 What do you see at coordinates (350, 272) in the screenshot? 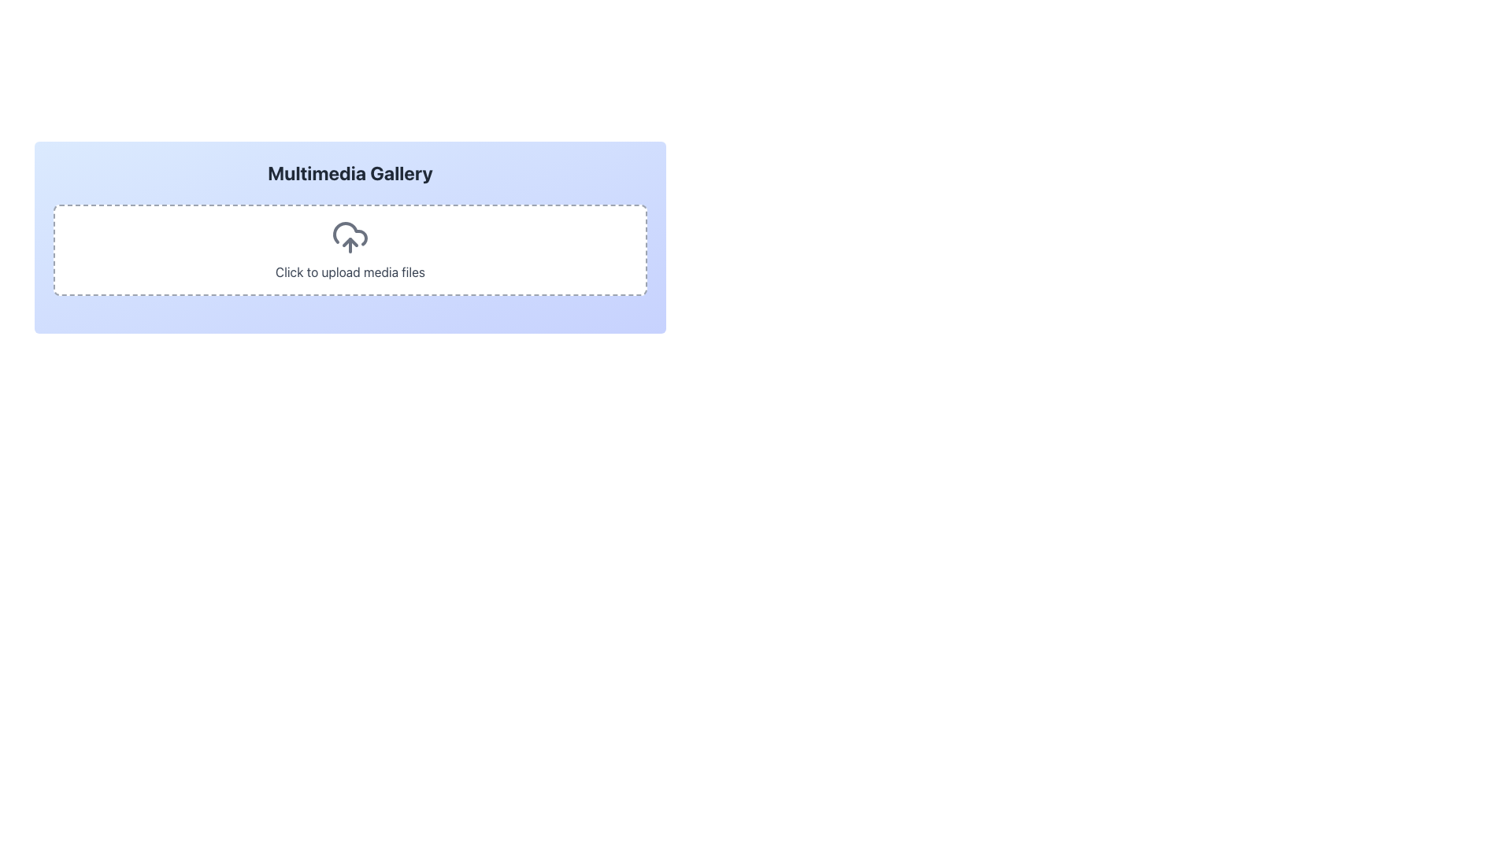
I see `text label displaying 'Click to upload media files' located in the upper-middle section of the page, styled as a cursor-pointer within a dashed rectangular border` at bounding box center [350, 272].